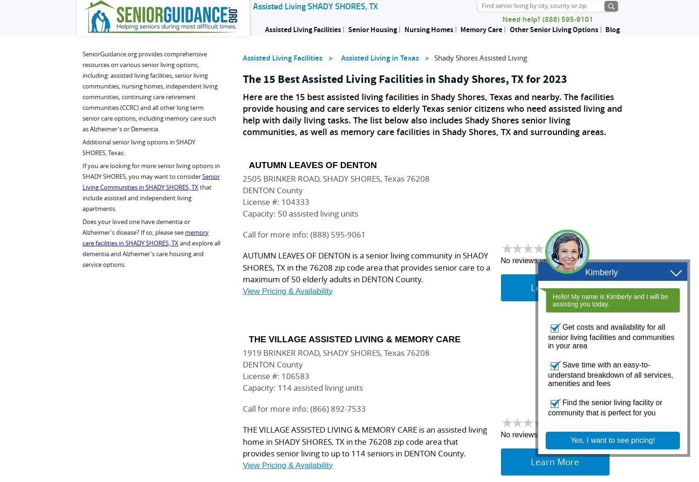  Describe the element at coordinates (139, 147) in the screenshot. I see `'Additional senior living options in SHADY SHORES, Texas:'` at that location.